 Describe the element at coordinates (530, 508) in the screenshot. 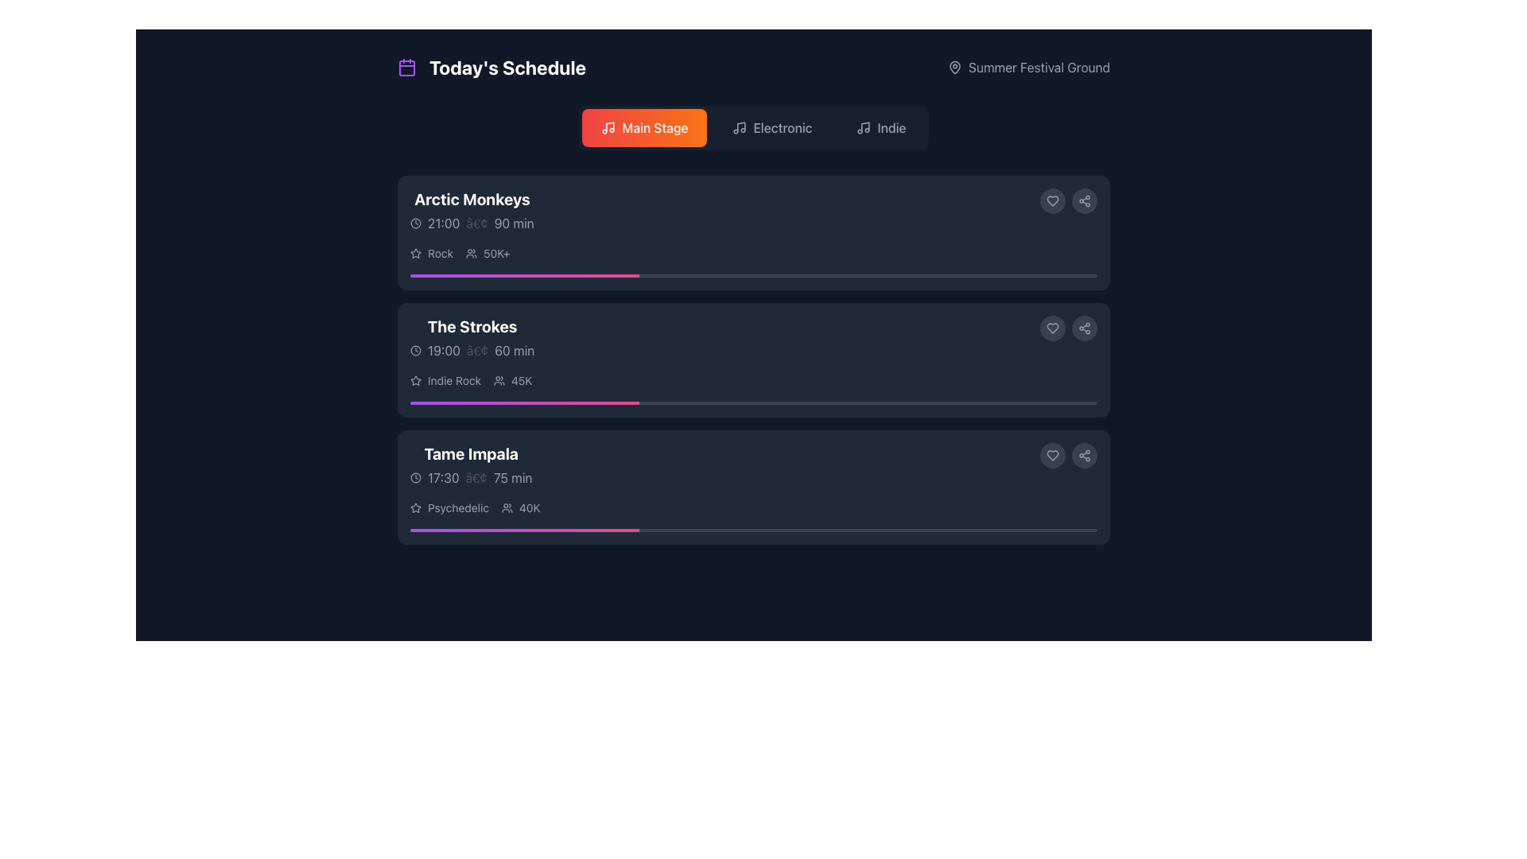

I see `the static text label displaying the number of attendees for the band 'Tame Impala', which is located next to a user group icon in the third row of the list` at that location.